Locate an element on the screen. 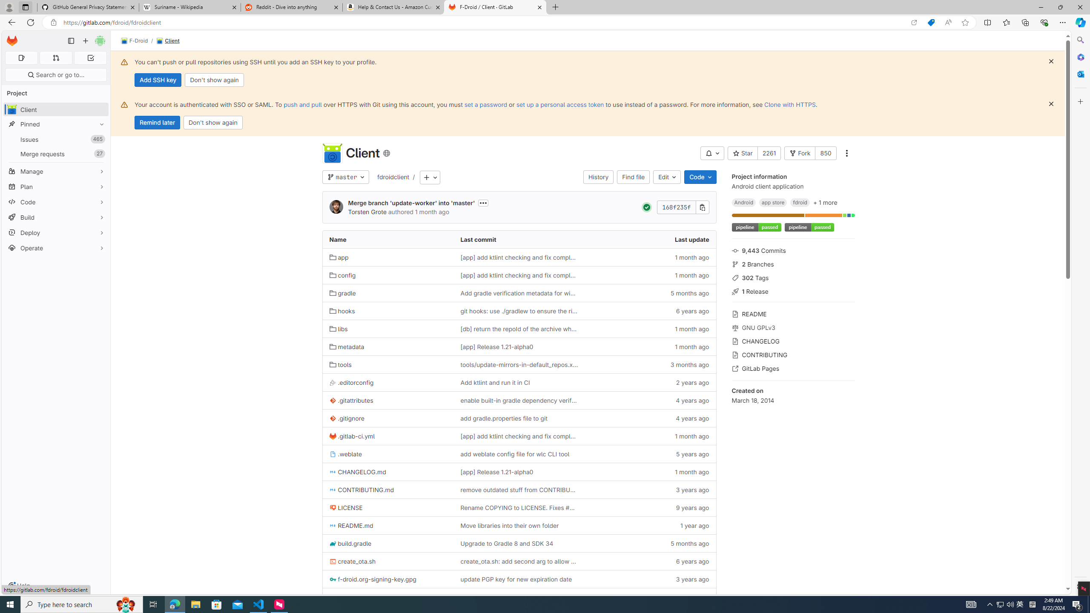  '.gitattributes' is located at coordinates (387, 400).